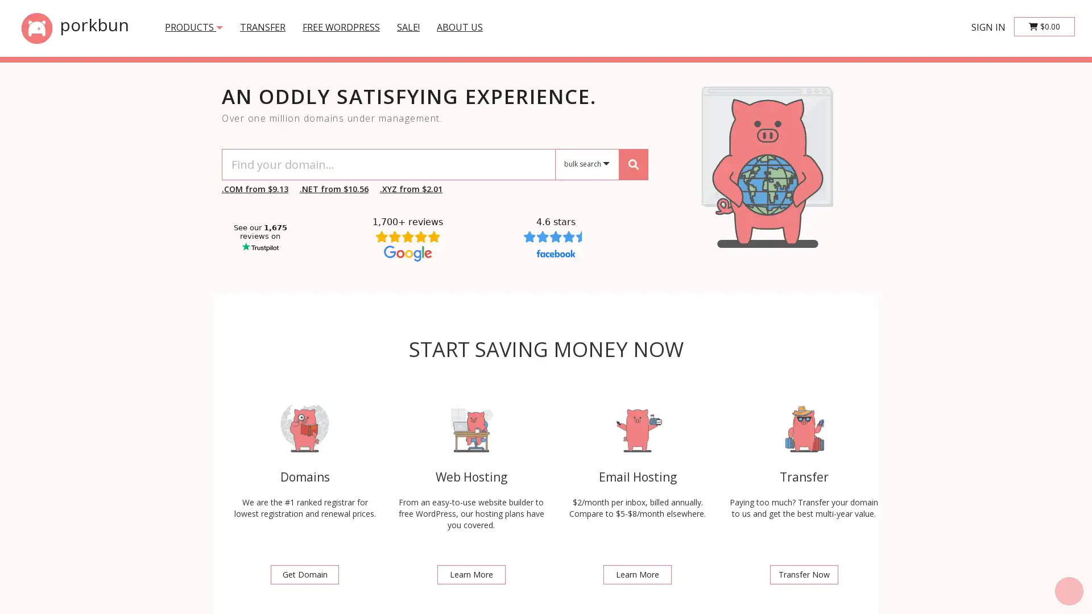  Describe the element at coordinates (632, 164) in the screenshot. I see `submit search` at that location.